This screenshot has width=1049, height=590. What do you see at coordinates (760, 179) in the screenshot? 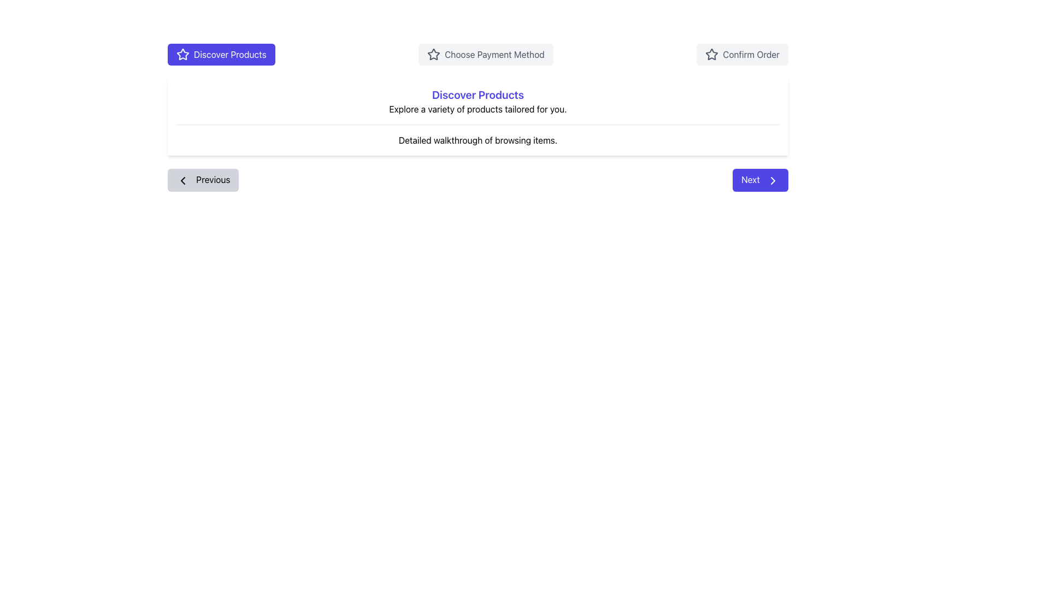
I see `the second navigation button located to the right of the 'Previous' button to proceed to the next step` at bounding box center [760, 179].